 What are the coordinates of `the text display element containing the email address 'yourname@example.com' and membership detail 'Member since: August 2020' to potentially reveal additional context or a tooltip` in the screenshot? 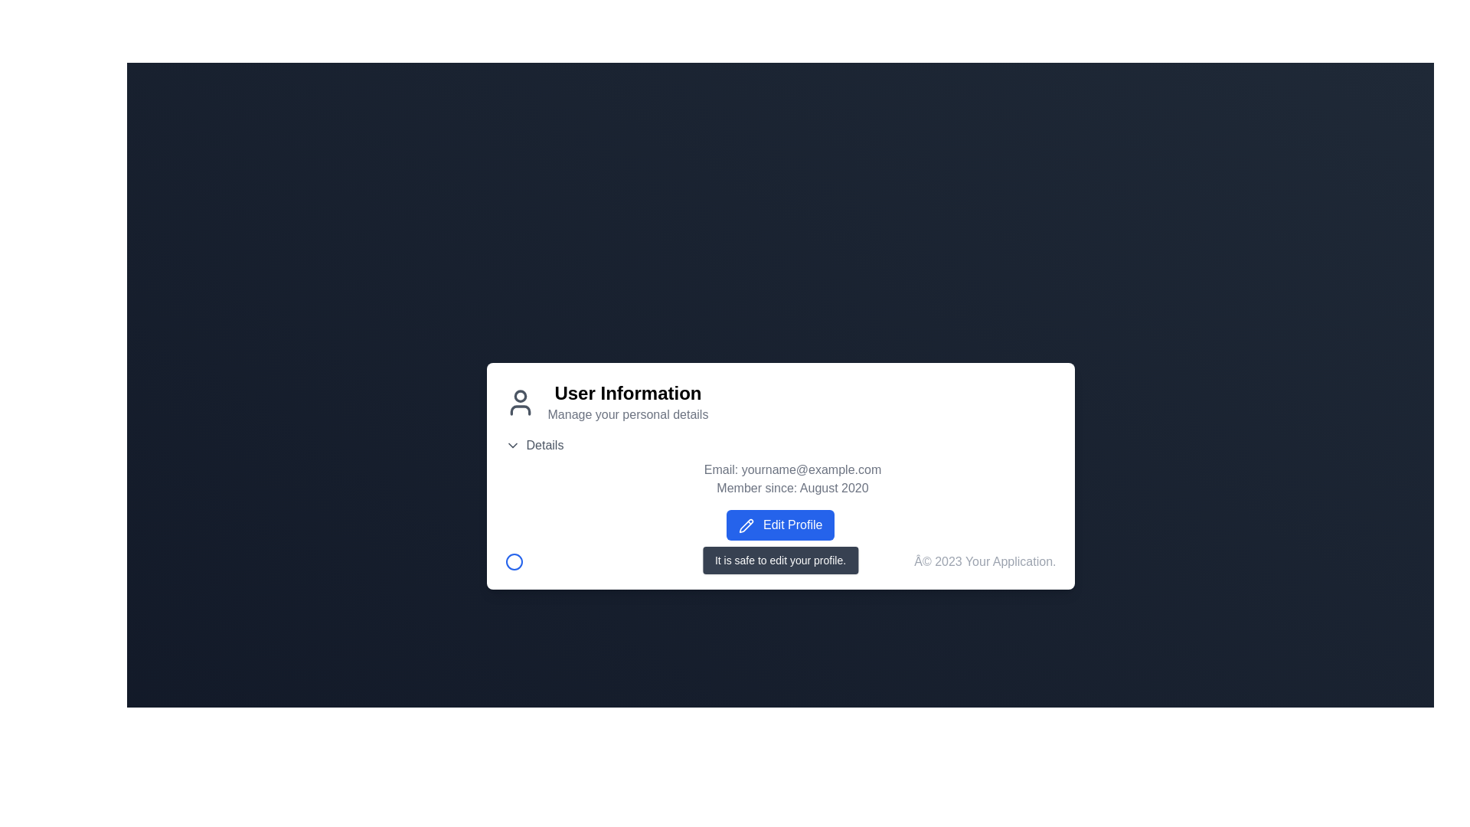 It's located at (780, 478).